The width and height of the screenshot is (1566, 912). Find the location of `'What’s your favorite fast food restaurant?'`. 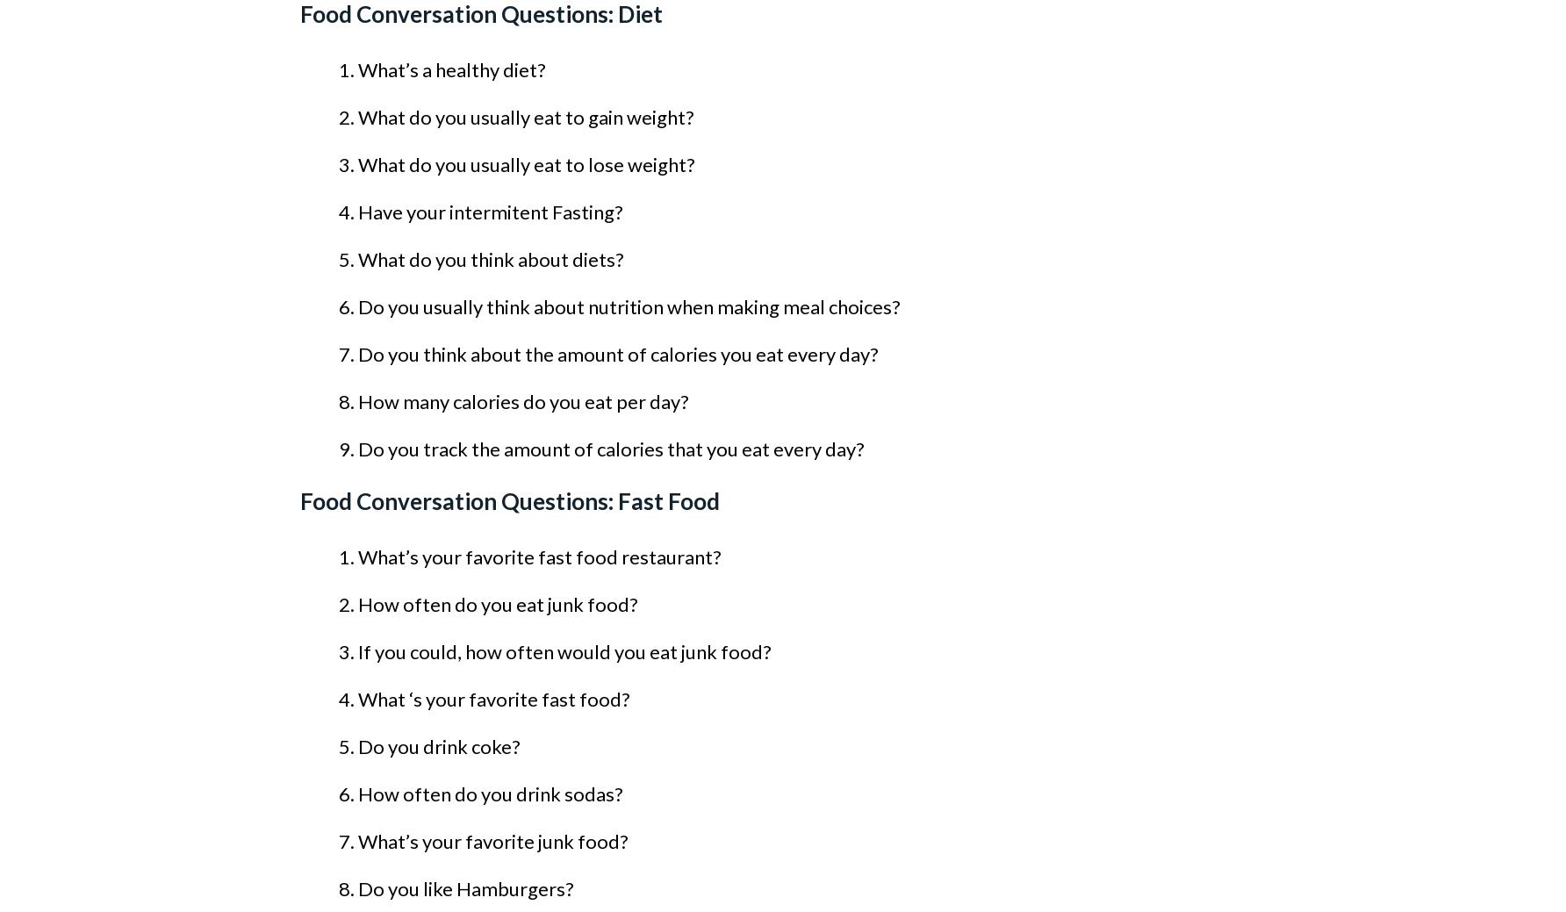

'What’s your favorite fast food restaurant?' is located at coordinates (538, 557).